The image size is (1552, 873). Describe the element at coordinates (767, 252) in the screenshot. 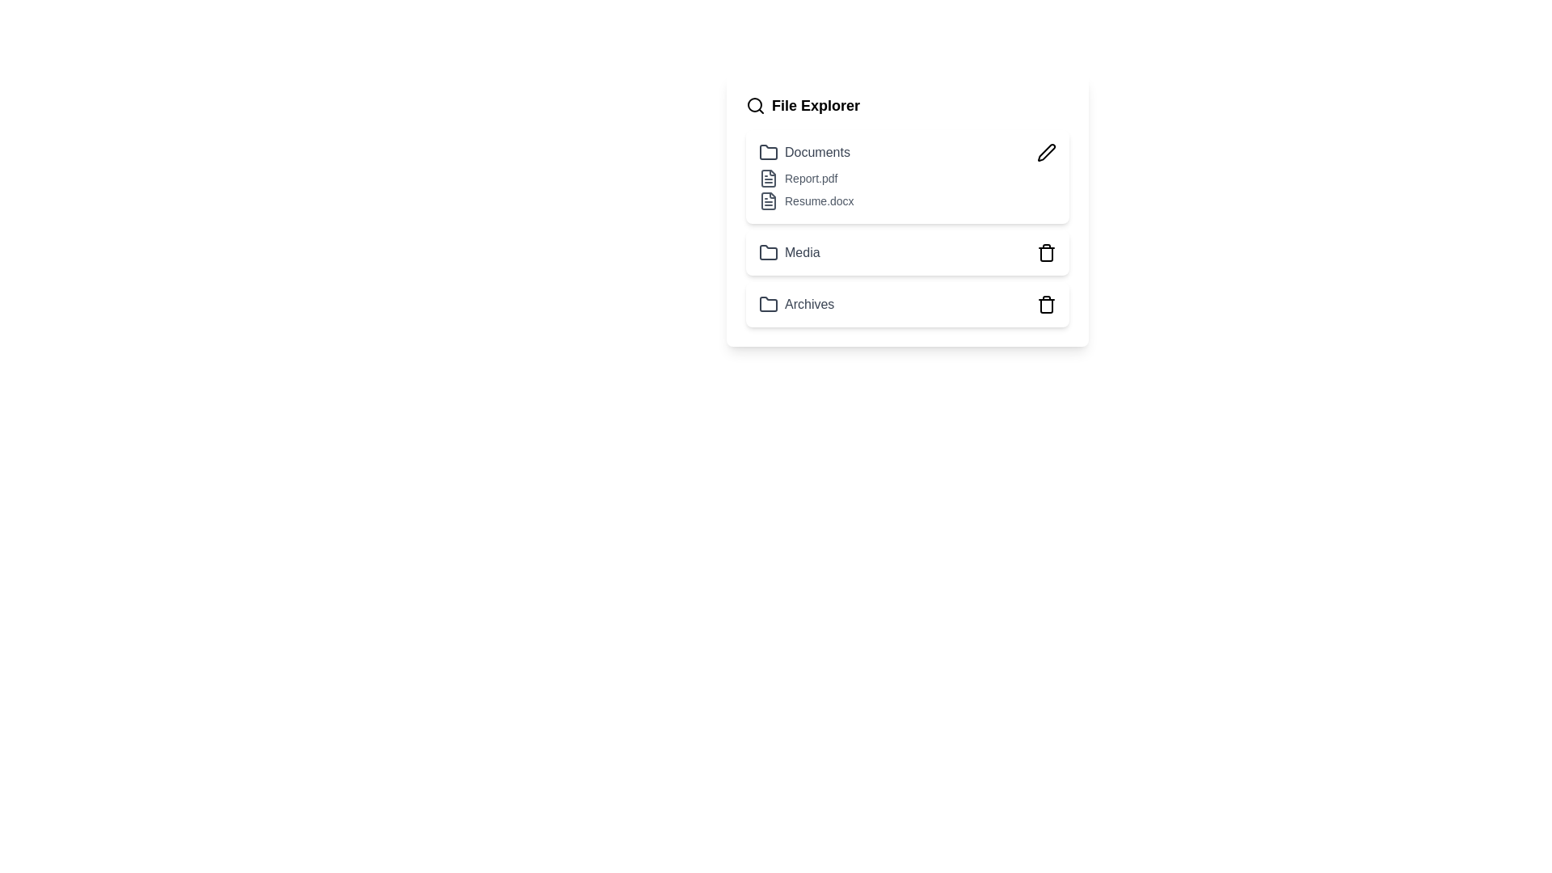

I see `the 'Media' folder icon` at that location.